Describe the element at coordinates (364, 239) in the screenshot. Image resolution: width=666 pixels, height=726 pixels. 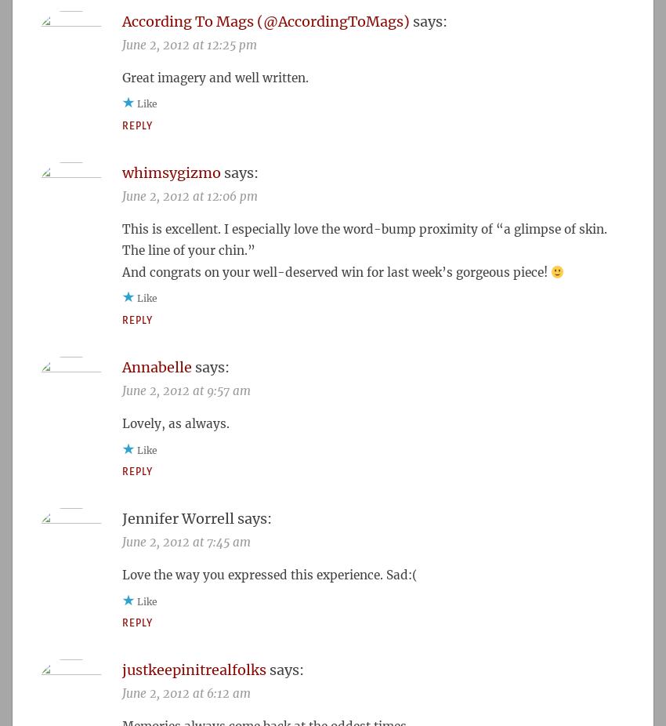
I see `'This is excellent. I especially love the word-bump proximity of “a glimpse of skin. The line of your chin.”'` at that location.